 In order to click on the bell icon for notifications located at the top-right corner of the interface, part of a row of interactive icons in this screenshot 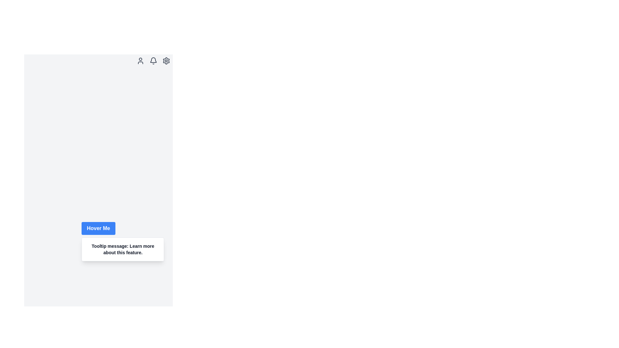, I will do `click(153, 60)`.